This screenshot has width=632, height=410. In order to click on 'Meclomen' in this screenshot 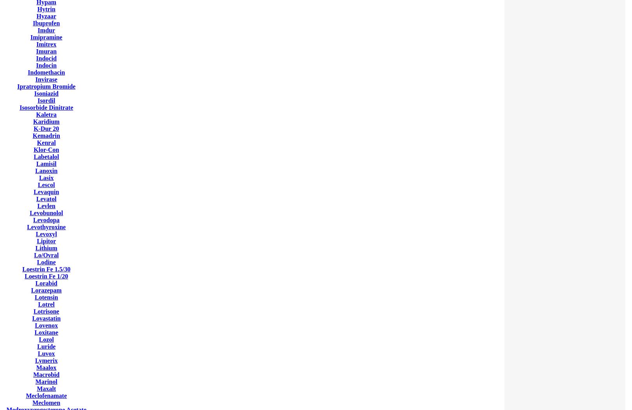, I will do `click(46, 402)`.